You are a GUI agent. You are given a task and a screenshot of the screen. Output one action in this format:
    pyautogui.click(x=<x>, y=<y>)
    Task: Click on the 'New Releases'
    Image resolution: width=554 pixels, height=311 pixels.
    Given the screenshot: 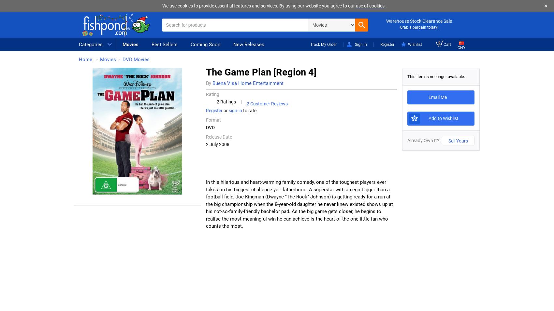 What is the action you would take?
    pyautogui.click(x=248, y=44)
    